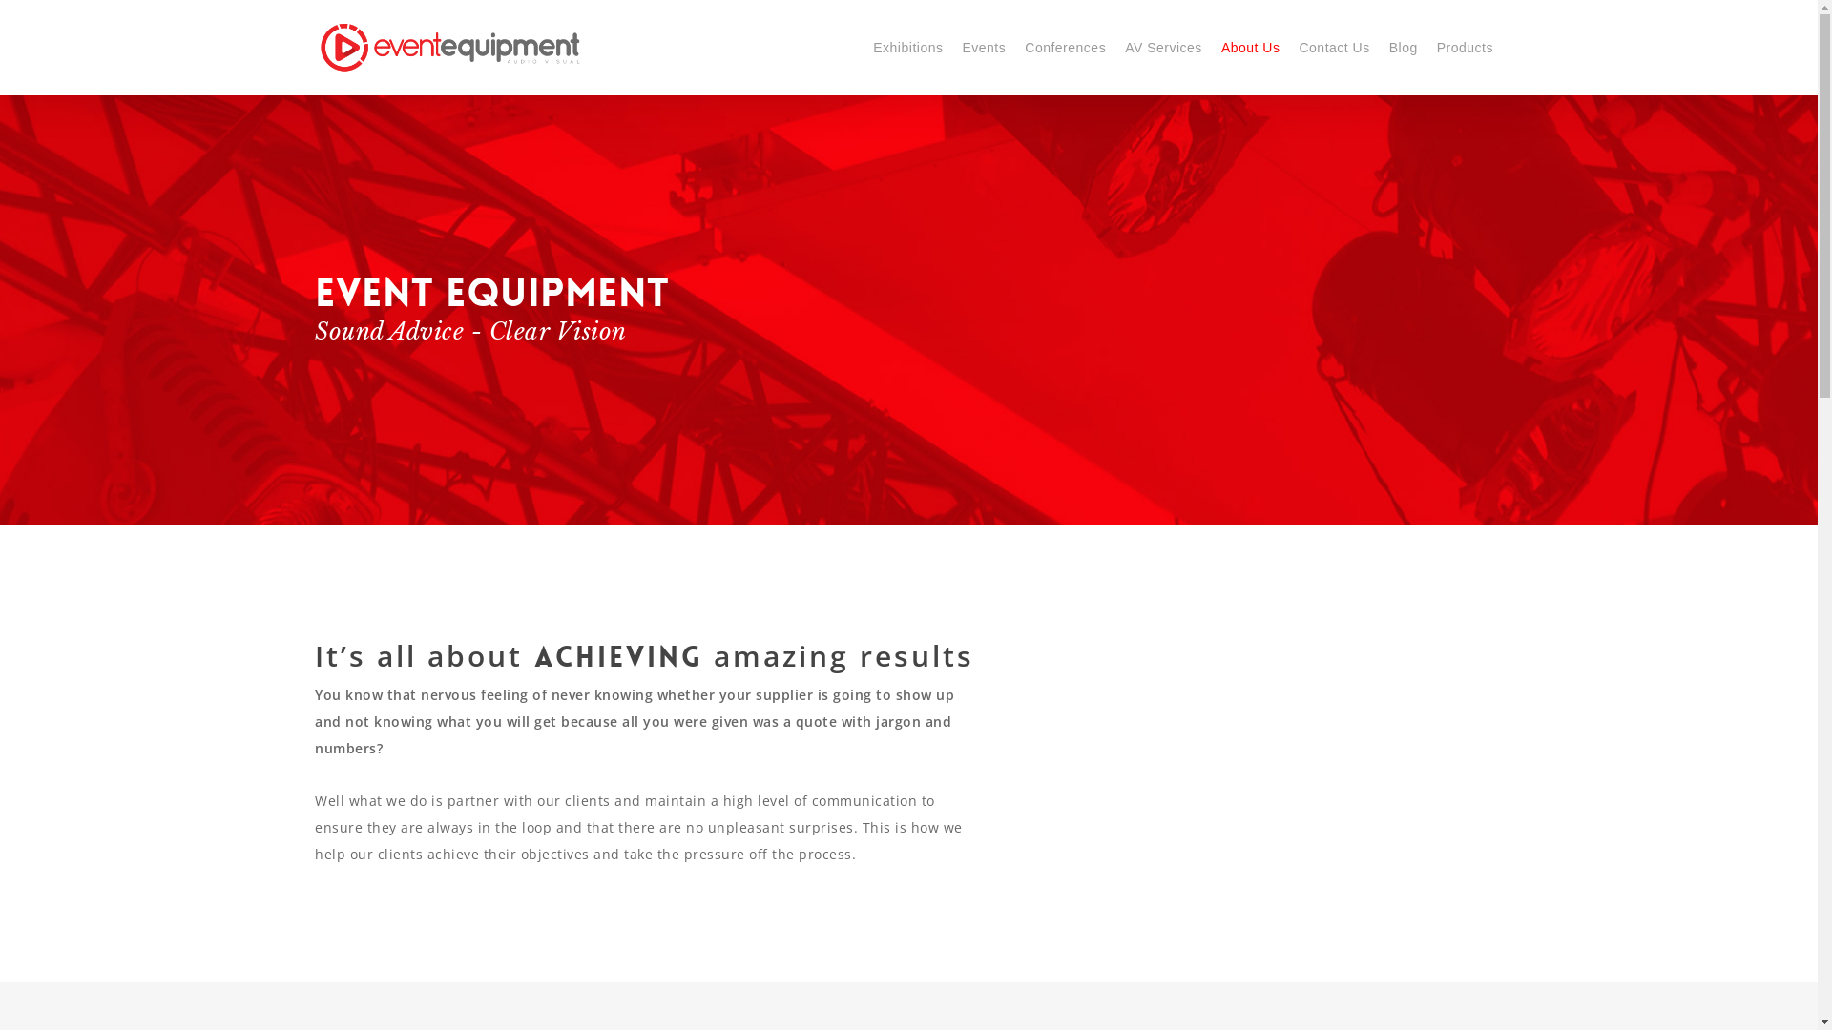  What do you see at coordinates (1427, 47) in the screenshot?
I see `'Products'` at bounding box center [1427, 47].